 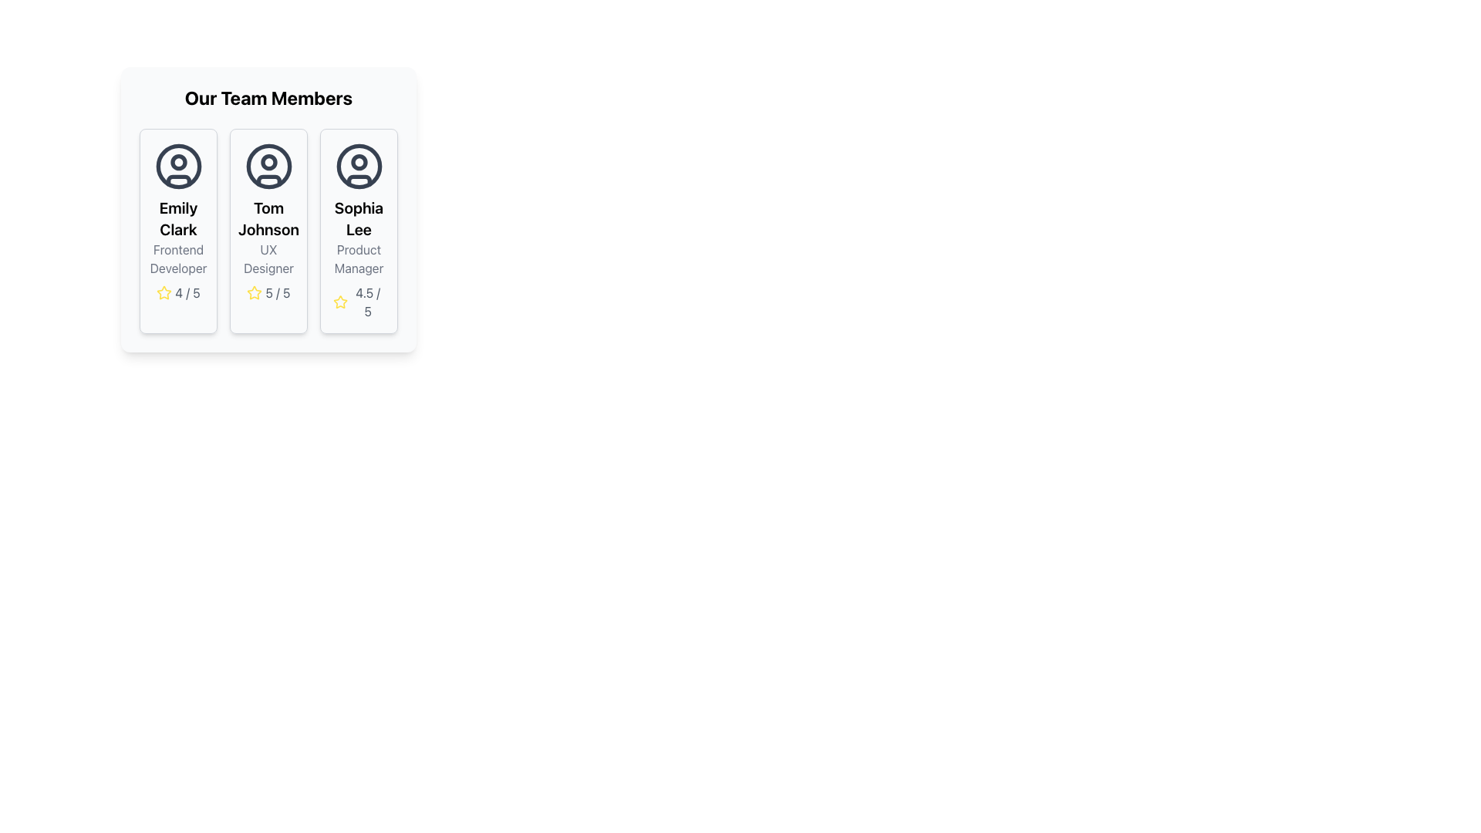 I want to click on the profile card, so click(x=268, y=222).